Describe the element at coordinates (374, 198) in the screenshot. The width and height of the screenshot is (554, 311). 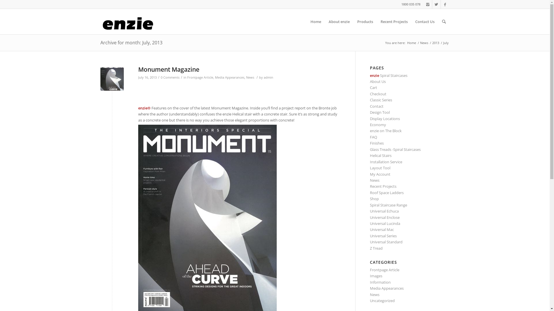
I see `'Shop'` at that location.